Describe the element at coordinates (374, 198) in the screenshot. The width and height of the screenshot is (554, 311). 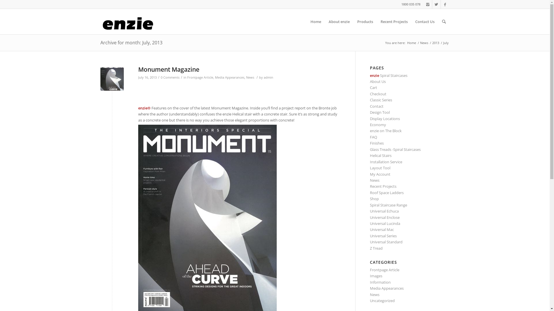
I see `'Shop'` at that location.